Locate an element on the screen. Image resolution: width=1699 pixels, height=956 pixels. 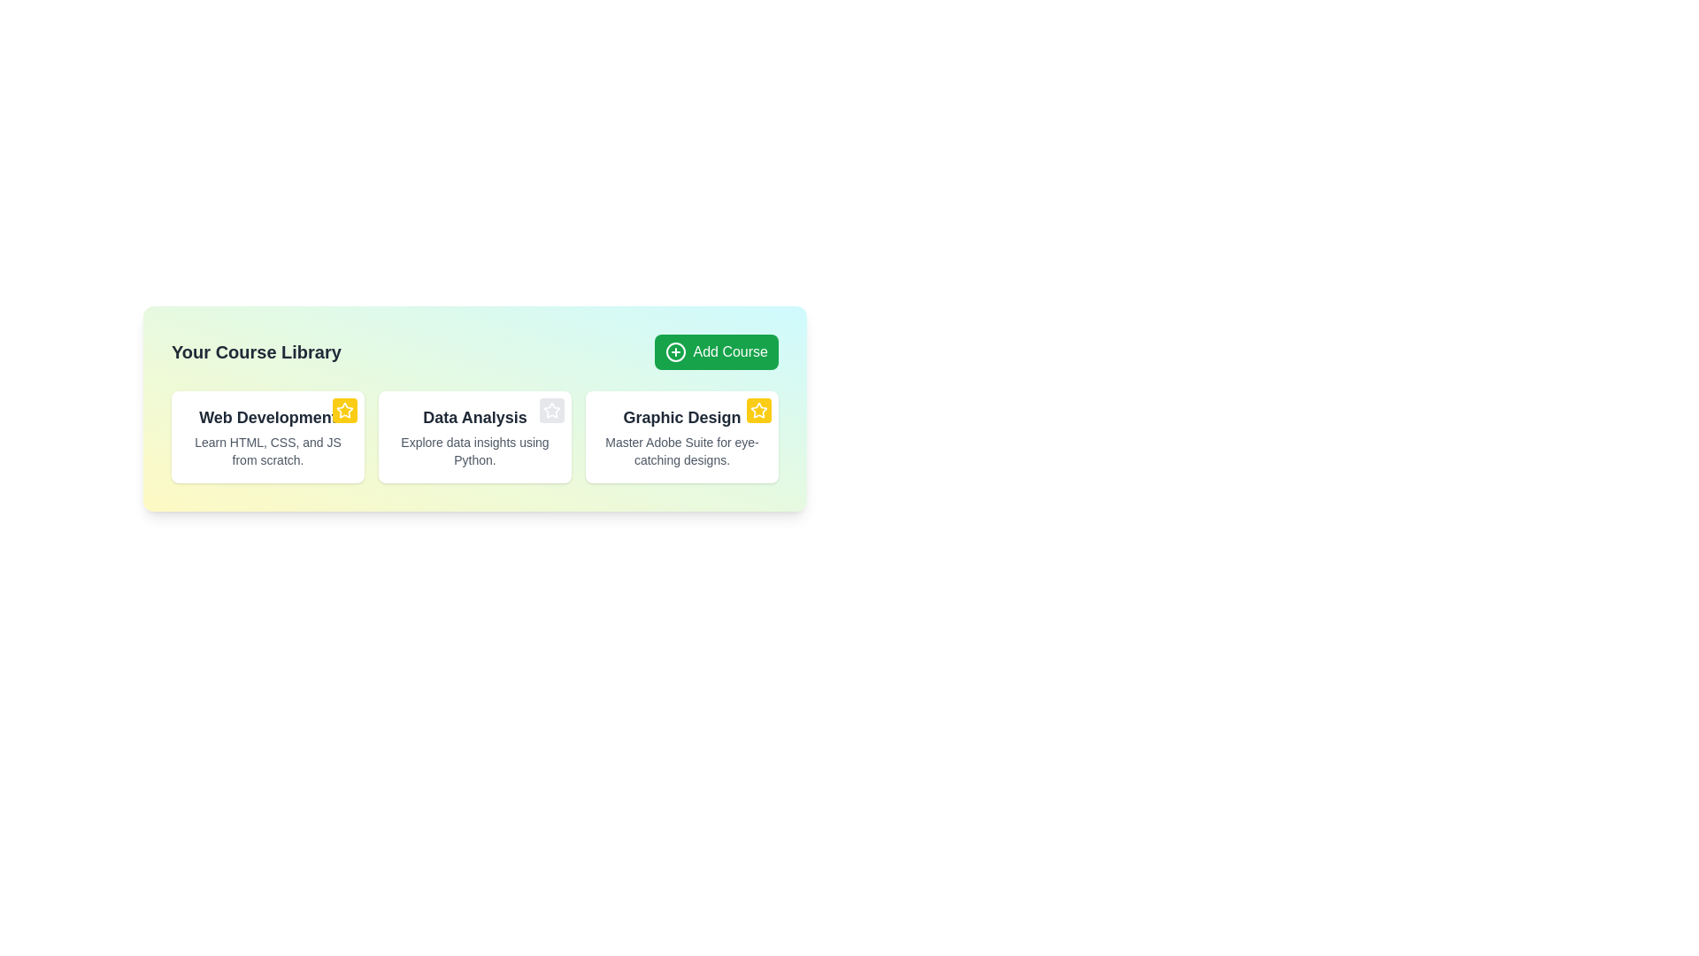
the text snippet displaying 'Explore data insights using Python.' located below the title 'Data Analysis' in the center card of the three-card layout to check for tooltips or additional interactions is located at coordinates (475, 450).